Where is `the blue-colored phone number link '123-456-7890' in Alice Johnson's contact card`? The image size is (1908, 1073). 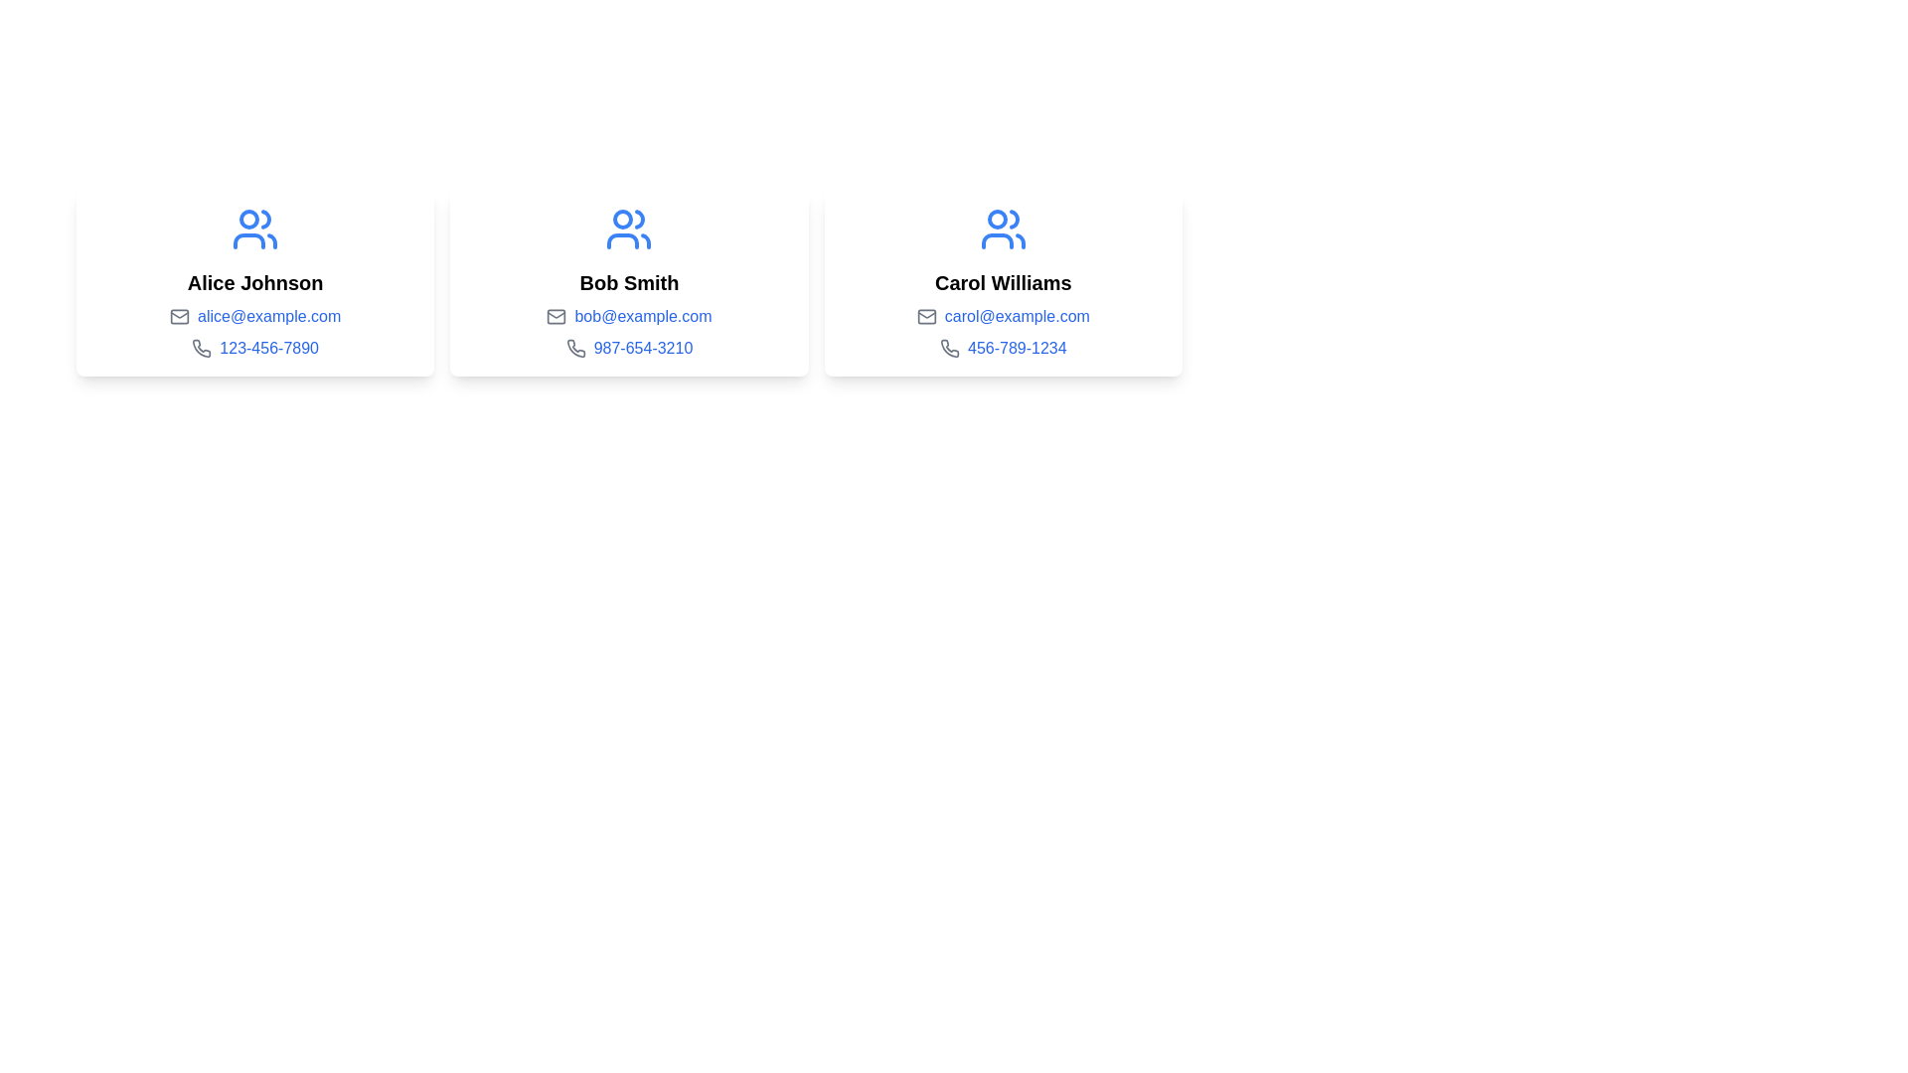 the blue-colored phone number link '123-456-7890' in Alice Johnson's contact card is located at coordinates (268, 348).